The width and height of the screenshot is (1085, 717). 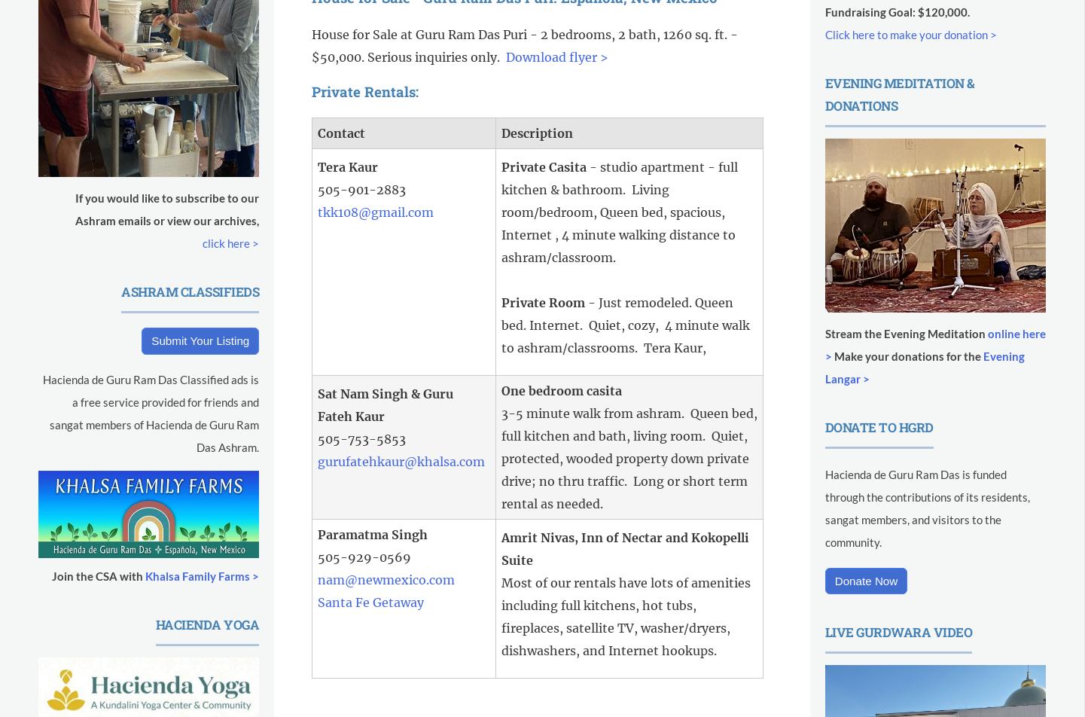 What do you see at coordinates (97, 575) in the screenshot?
I see `'Join the CSA with'` at bounding box center [97, 575].